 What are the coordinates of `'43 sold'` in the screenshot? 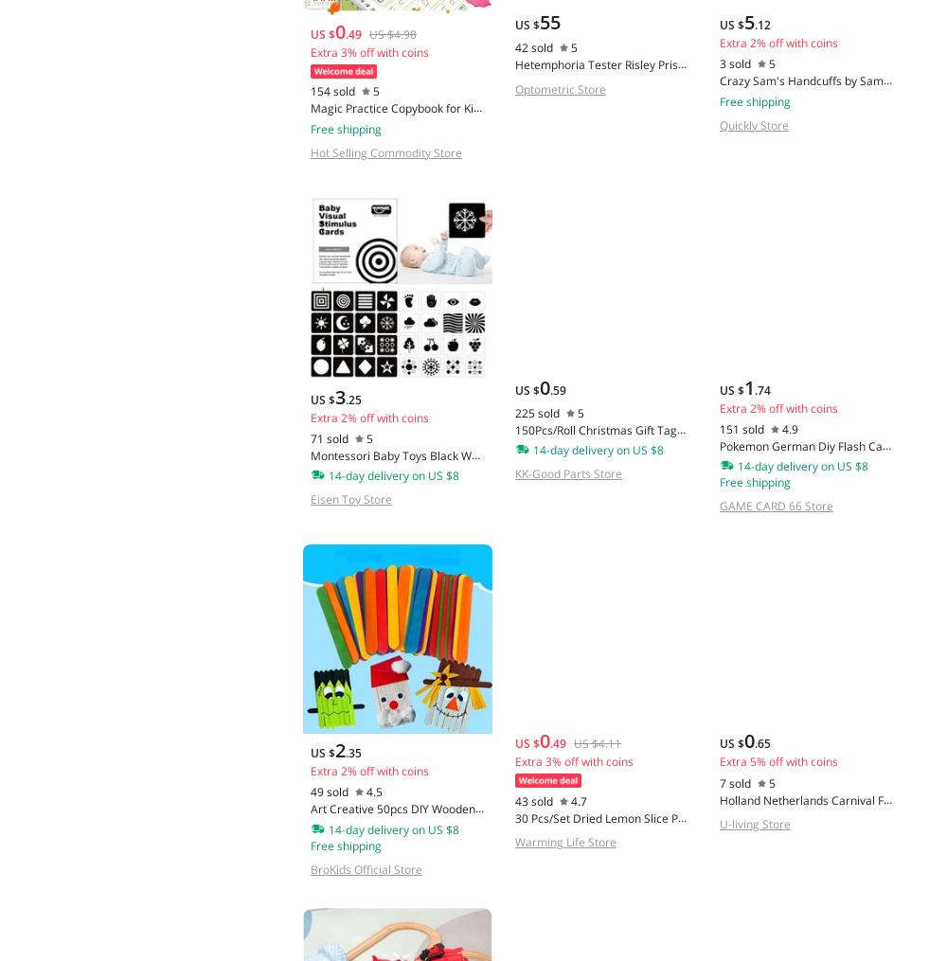 It's located at (514, 800).